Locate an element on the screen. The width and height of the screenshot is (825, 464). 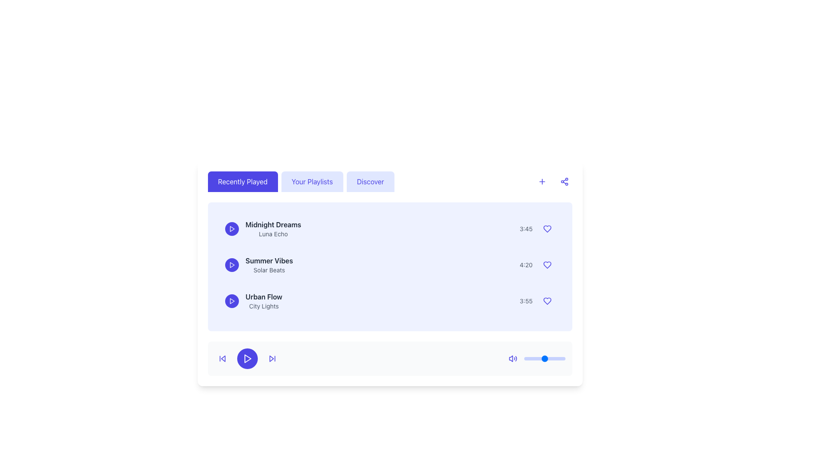
the triangular 'Play' icon button located in the bottom control section of the interface is located at coordinates (232, 301).